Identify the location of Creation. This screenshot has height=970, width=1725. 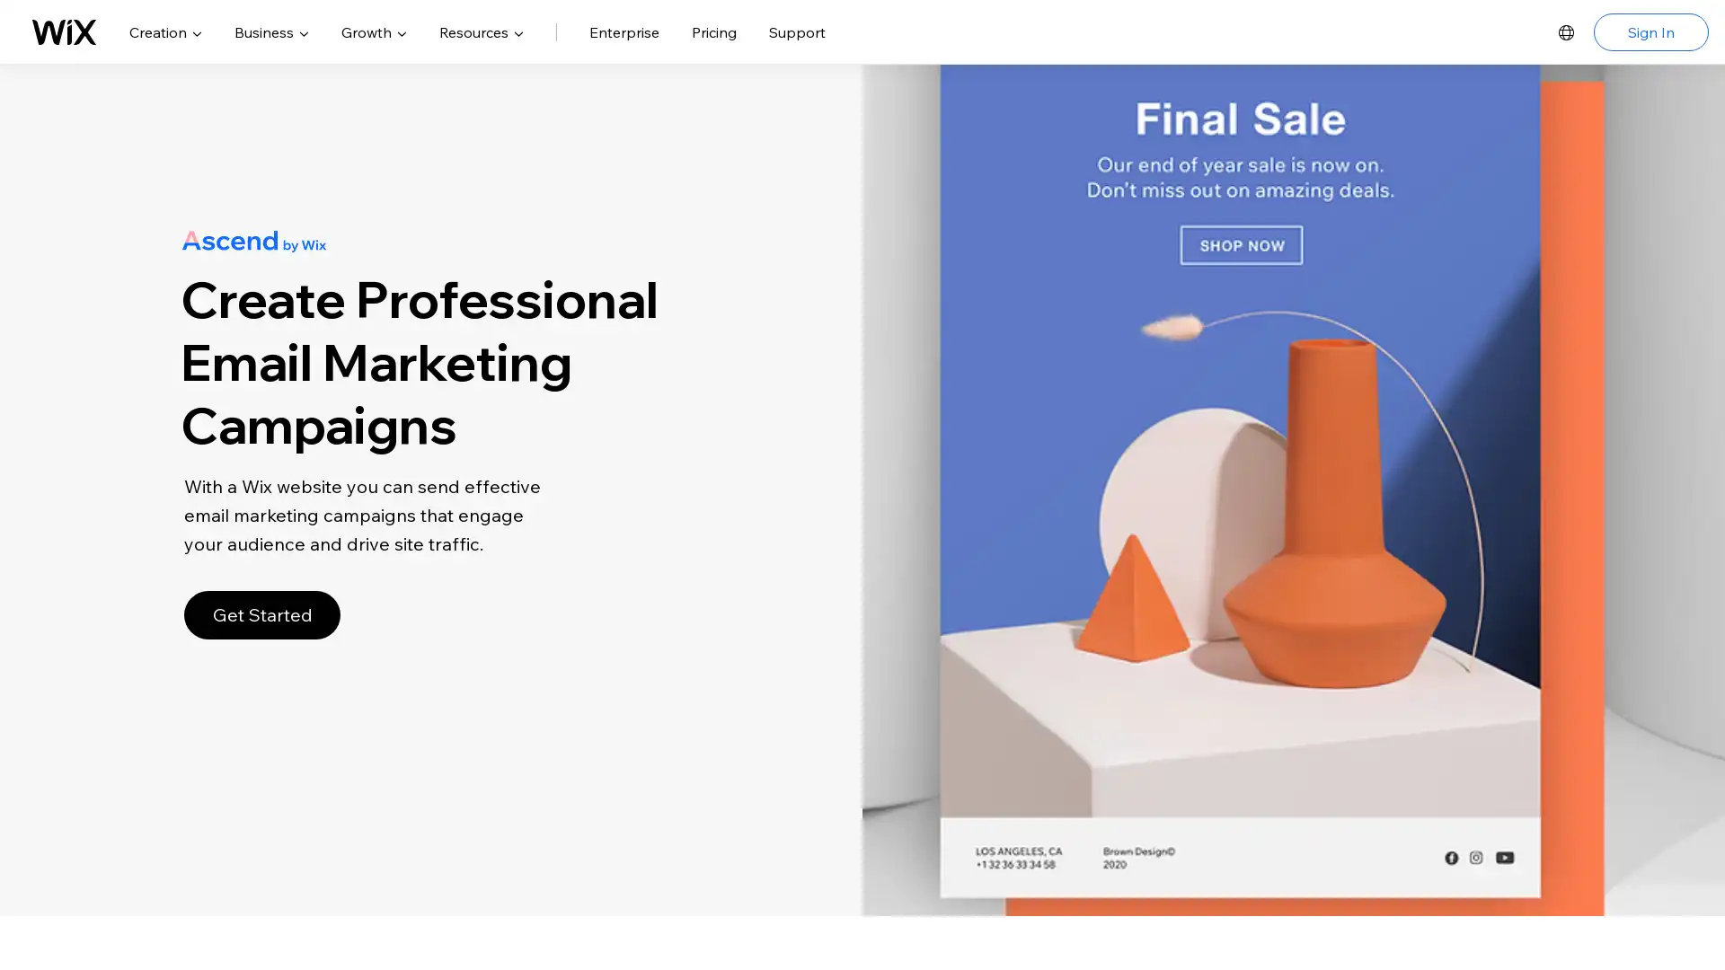
(165, 31).